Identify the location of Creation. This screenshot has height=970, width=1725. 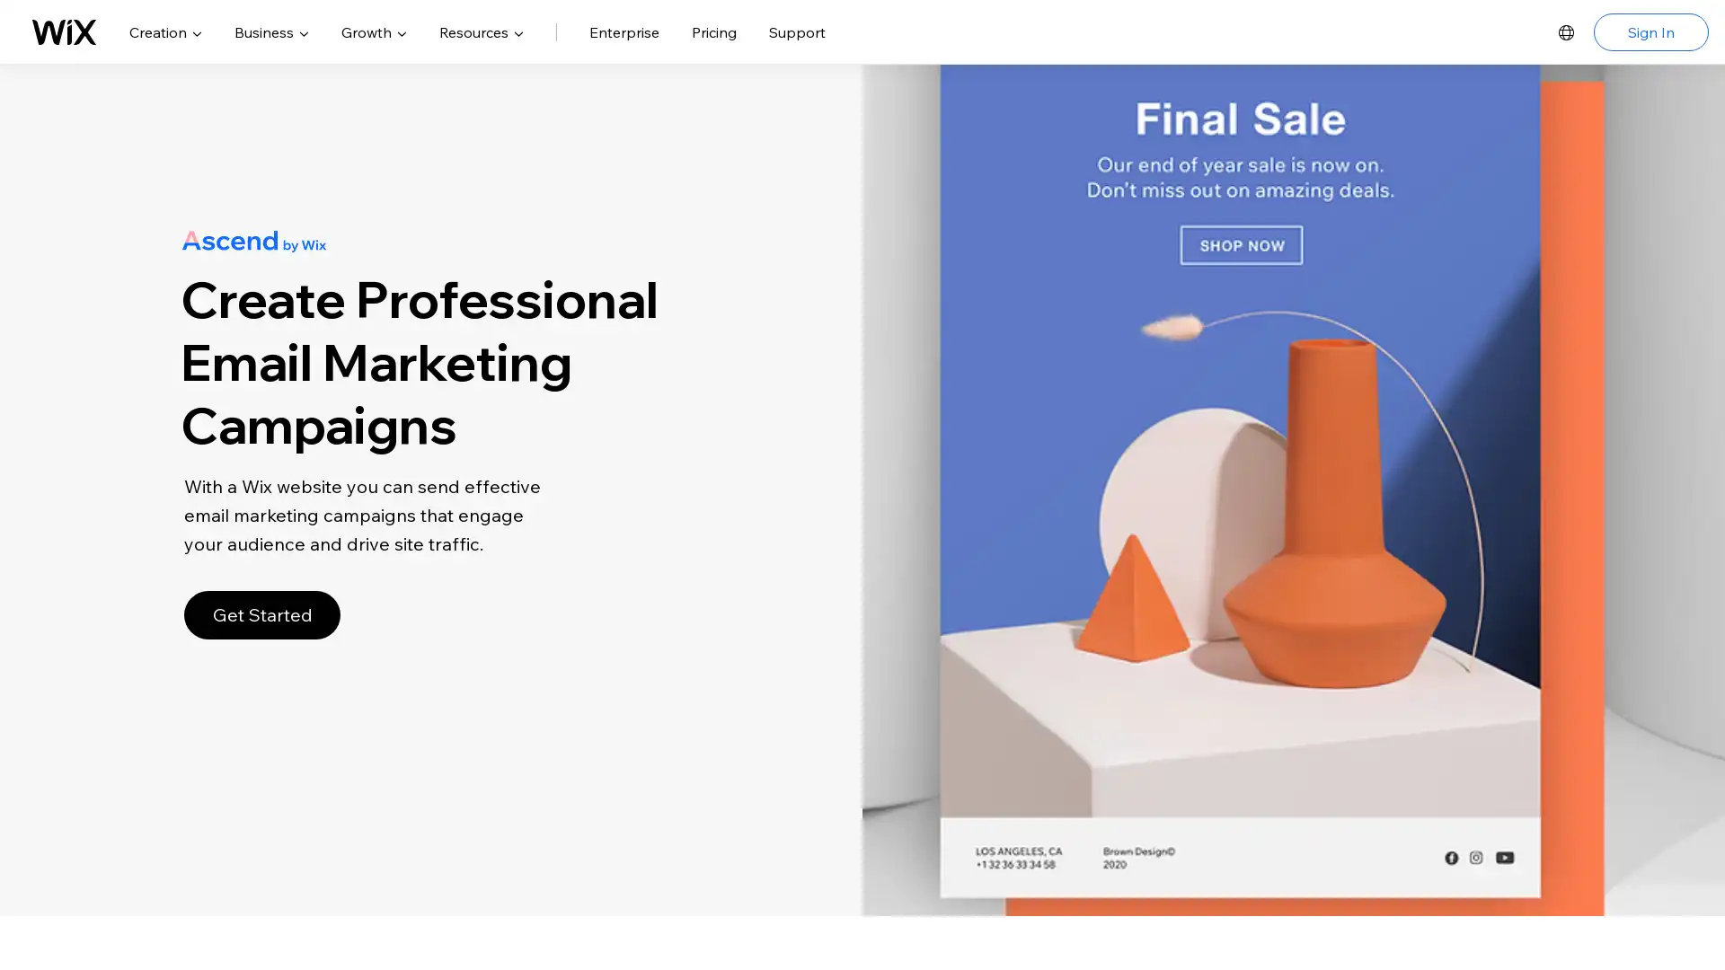
(165, 31).